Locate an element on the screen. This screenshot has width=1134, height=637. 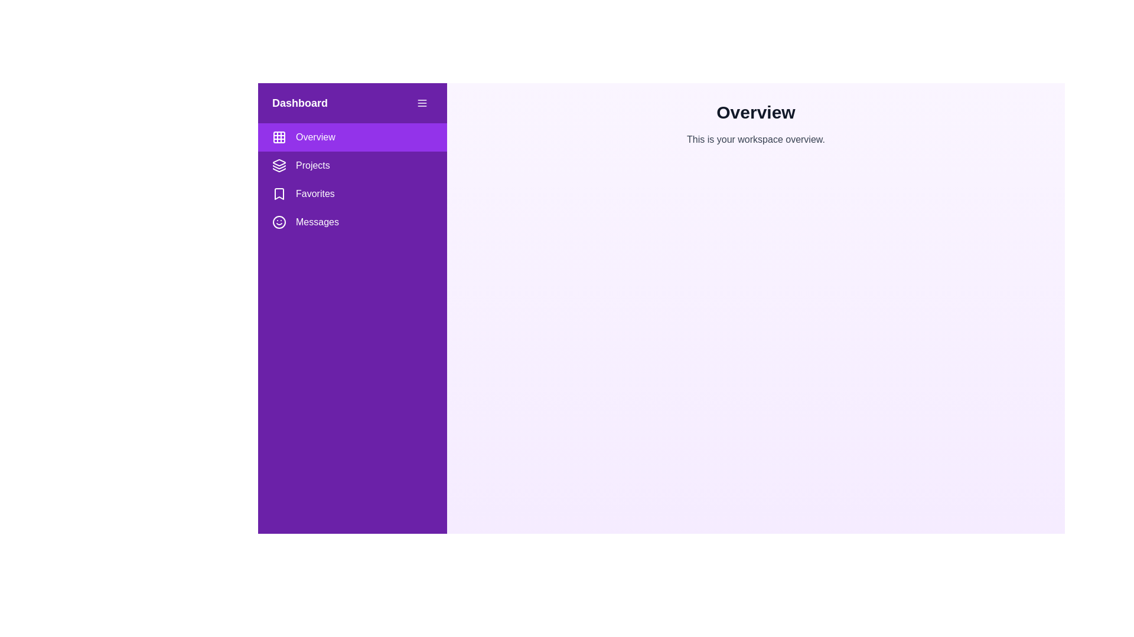
the menu item Messages from the drawer is located at coordinates (351, 222).